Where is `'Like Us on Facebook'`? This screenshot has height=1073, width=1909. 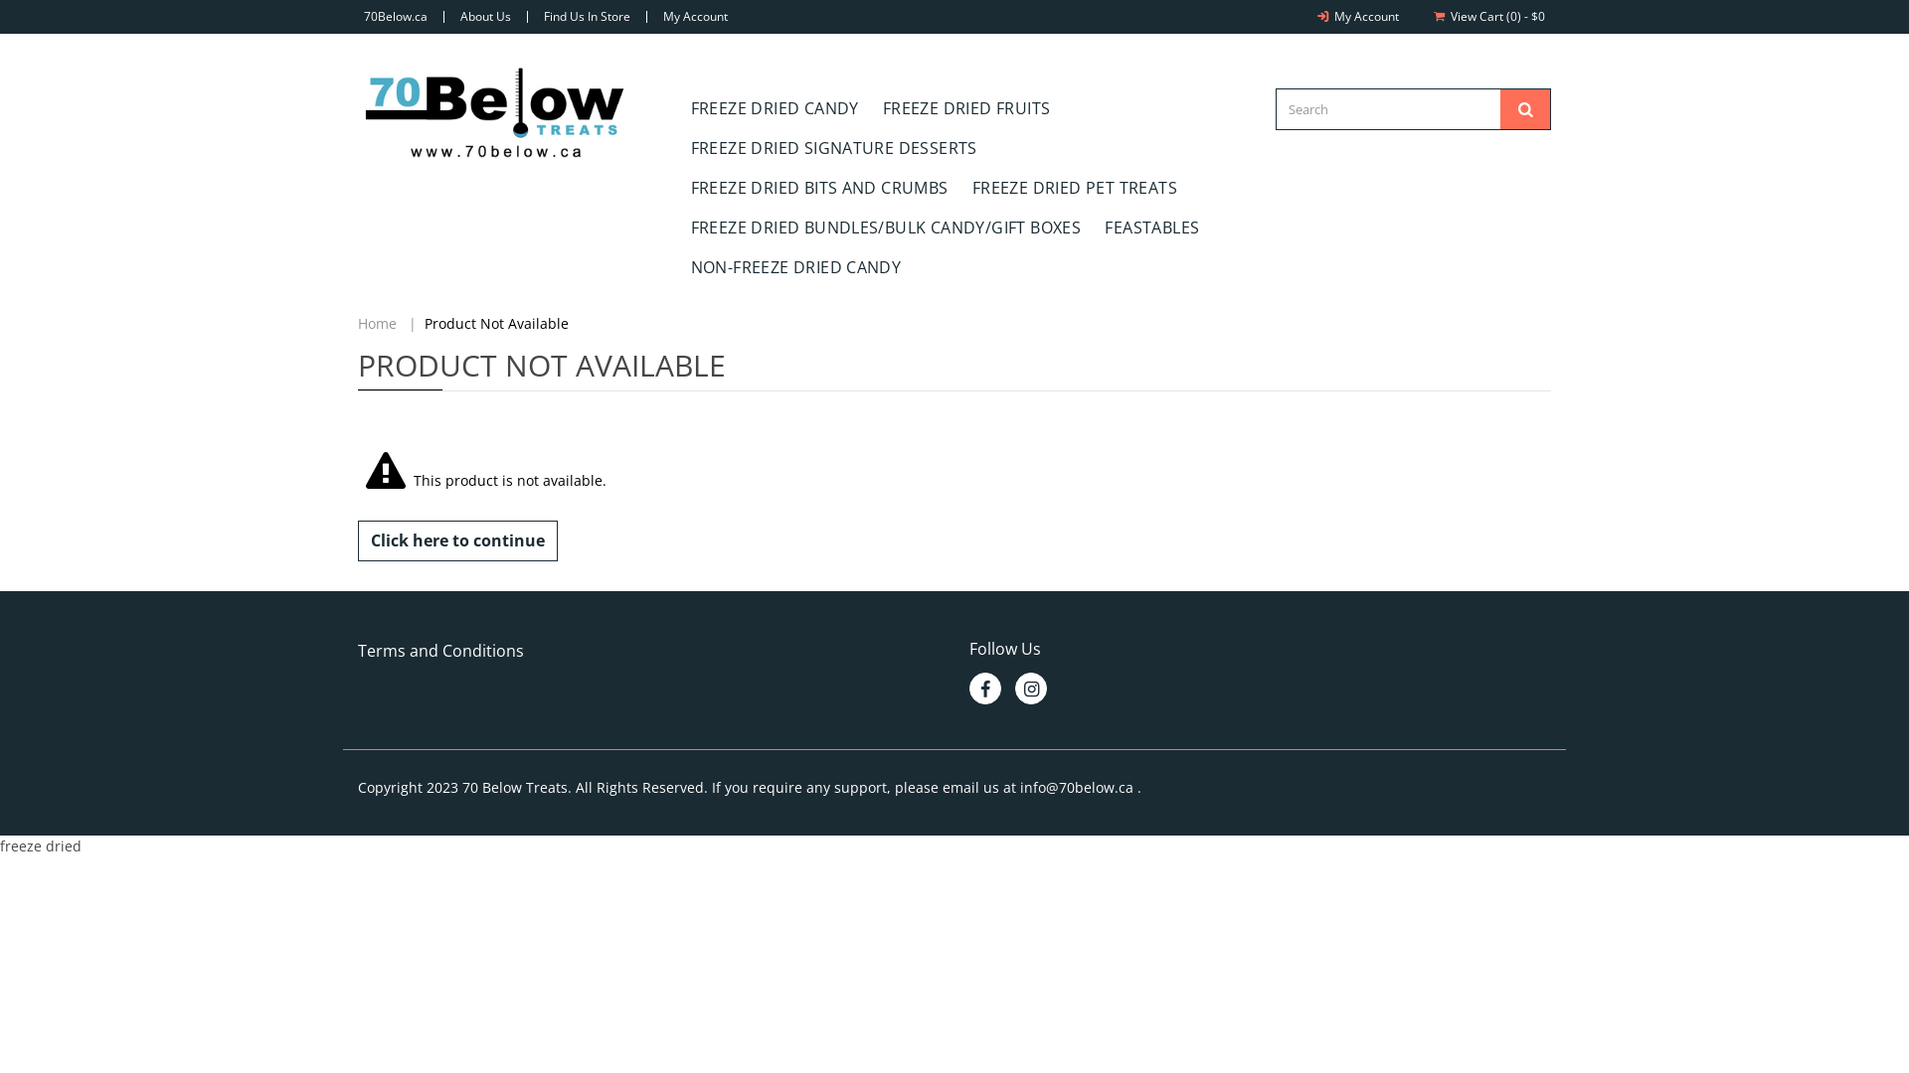
'Like Us on Facebook' is located at coordinates (984, 688).